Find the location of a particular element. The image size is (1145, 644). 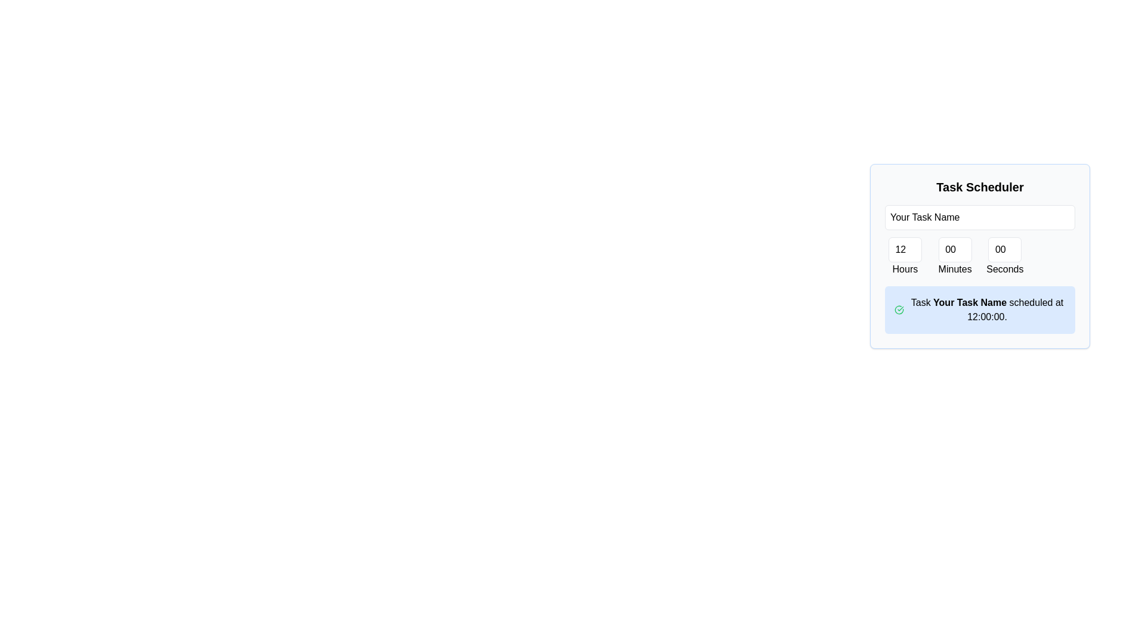

the non-interactive text element displaying the word 'Seconds', located next to the numeric input field in the time scheduler interface is located at coordinates (1004, 269).